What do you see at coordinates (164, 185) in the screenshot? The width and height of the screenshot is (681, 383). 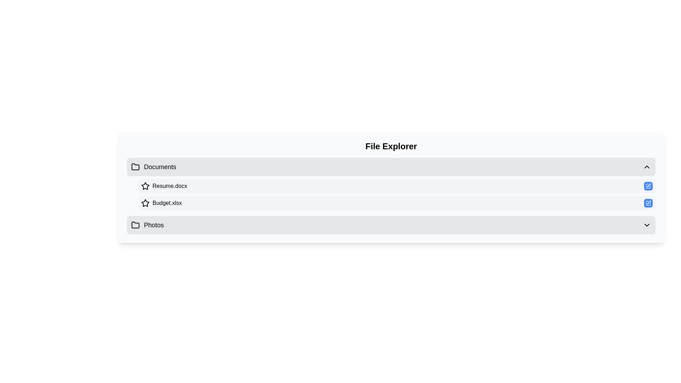 I see `the 'Resume.docx' file label, which is displayed in bold with a star icon to its left, located in the 'Documents' section of the file explorer` at bounding box center [164, 185].